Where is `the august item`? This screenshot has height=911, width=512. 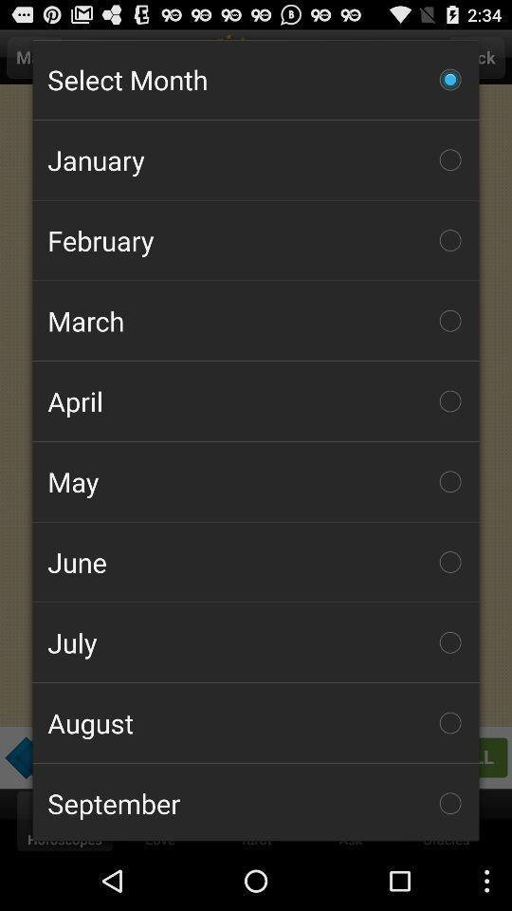
the august item is located at coordinates (256, 721).